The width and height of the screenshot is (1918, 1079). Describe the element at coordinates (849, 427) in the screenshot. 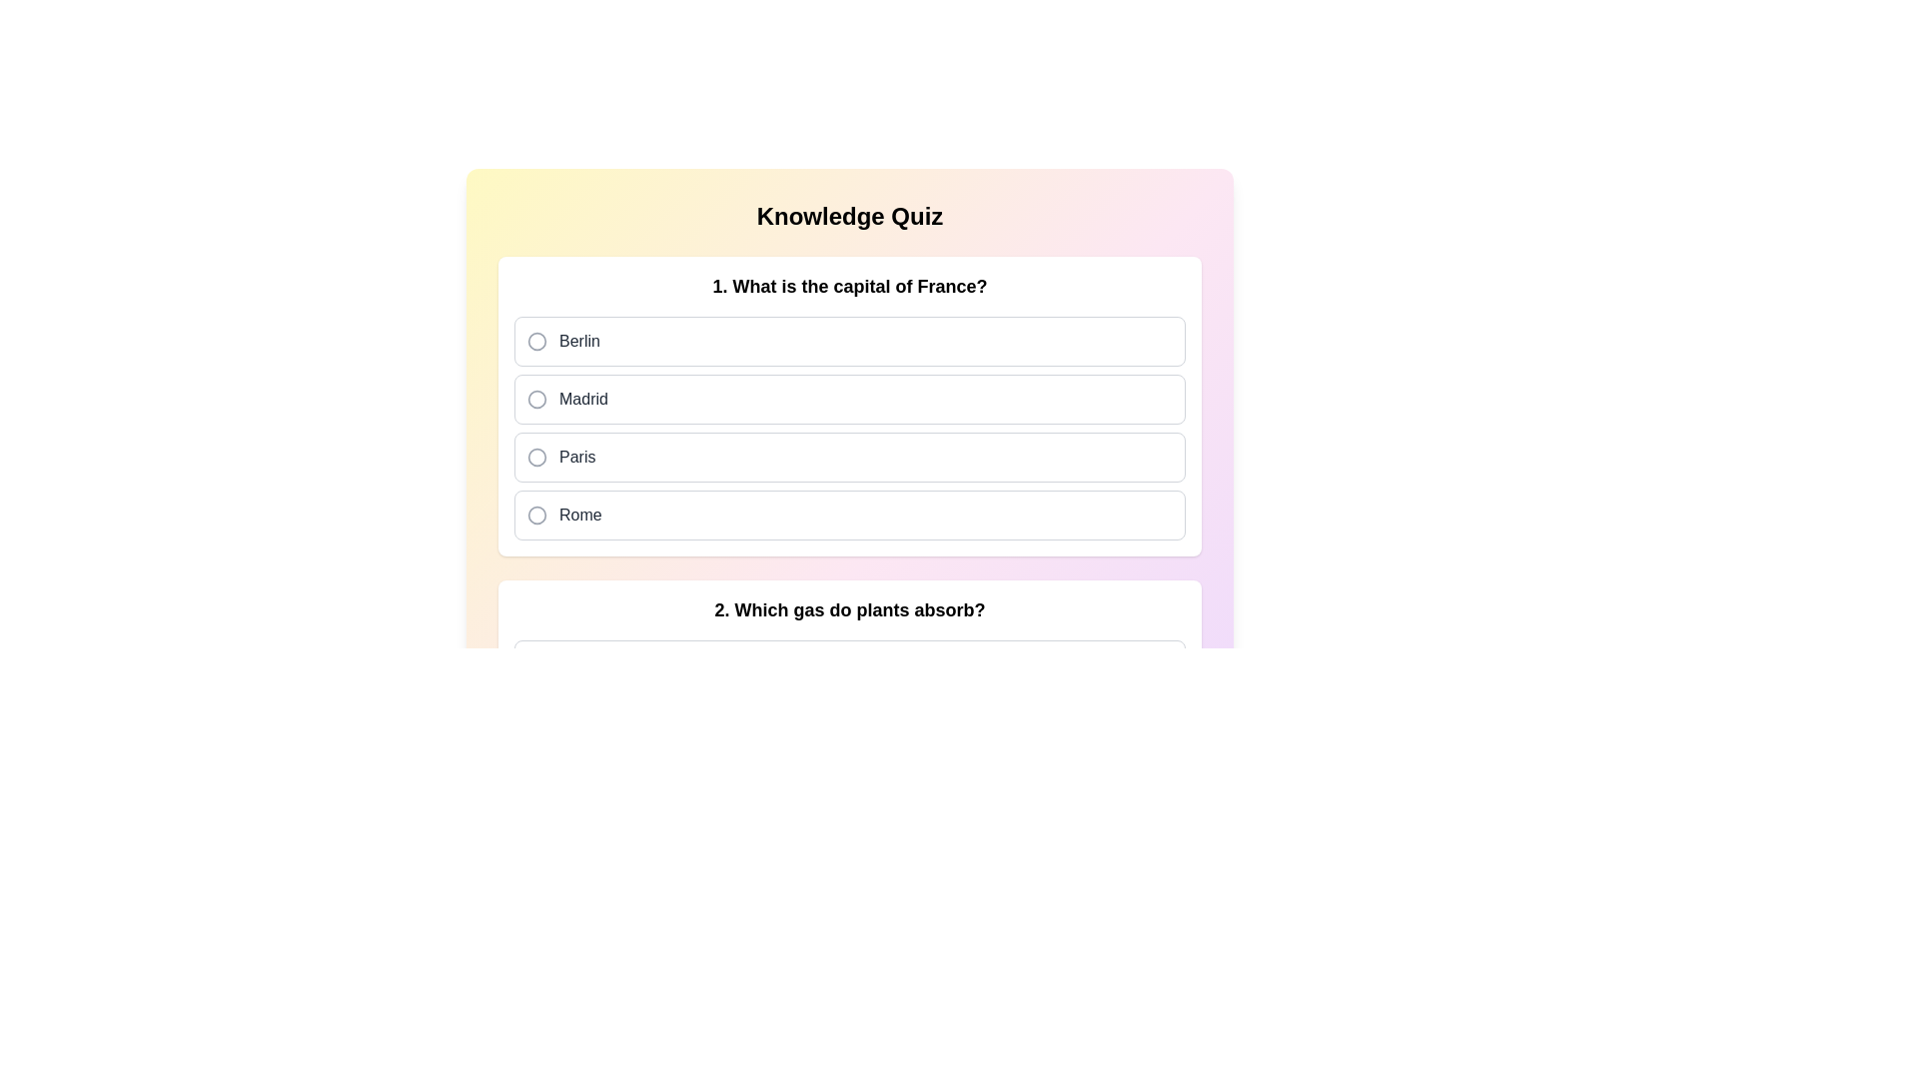

I see `the 'Paris' radio button option` at that location.